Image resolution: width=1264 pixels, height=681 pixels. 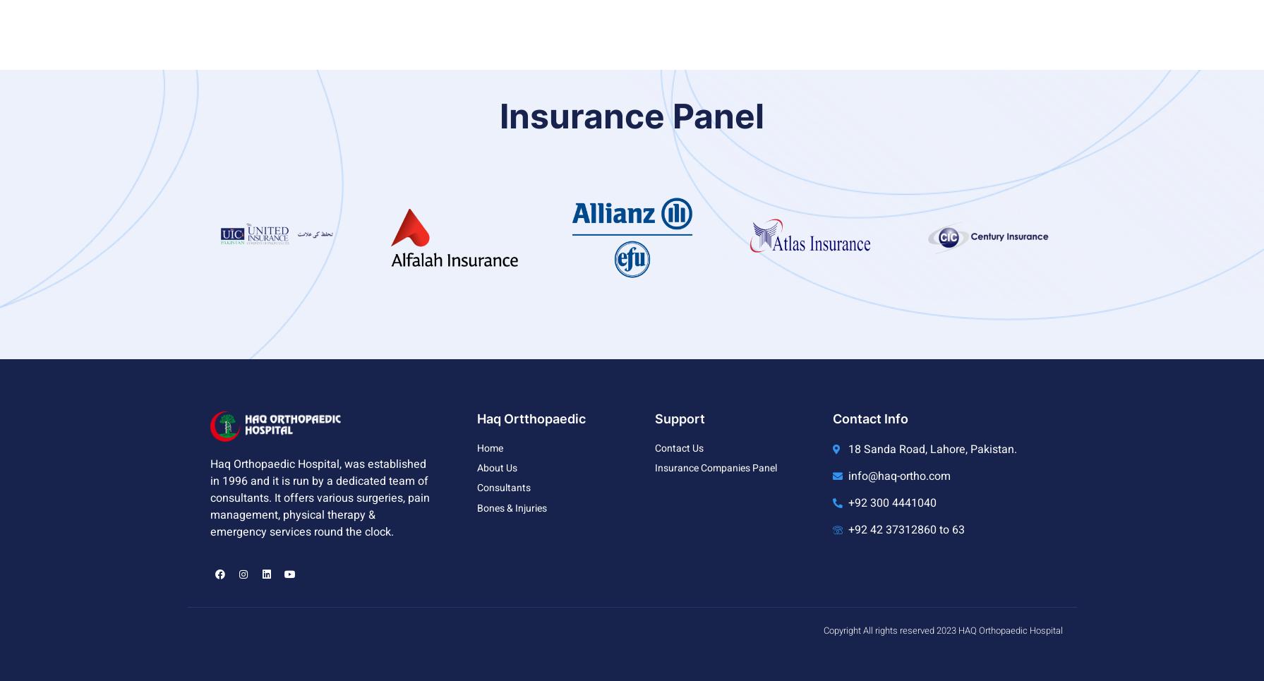 I want to click on 'Copyright All rights reserved 2023  HAQ Orthopaedic Hospital', so click(x=821, y=629).